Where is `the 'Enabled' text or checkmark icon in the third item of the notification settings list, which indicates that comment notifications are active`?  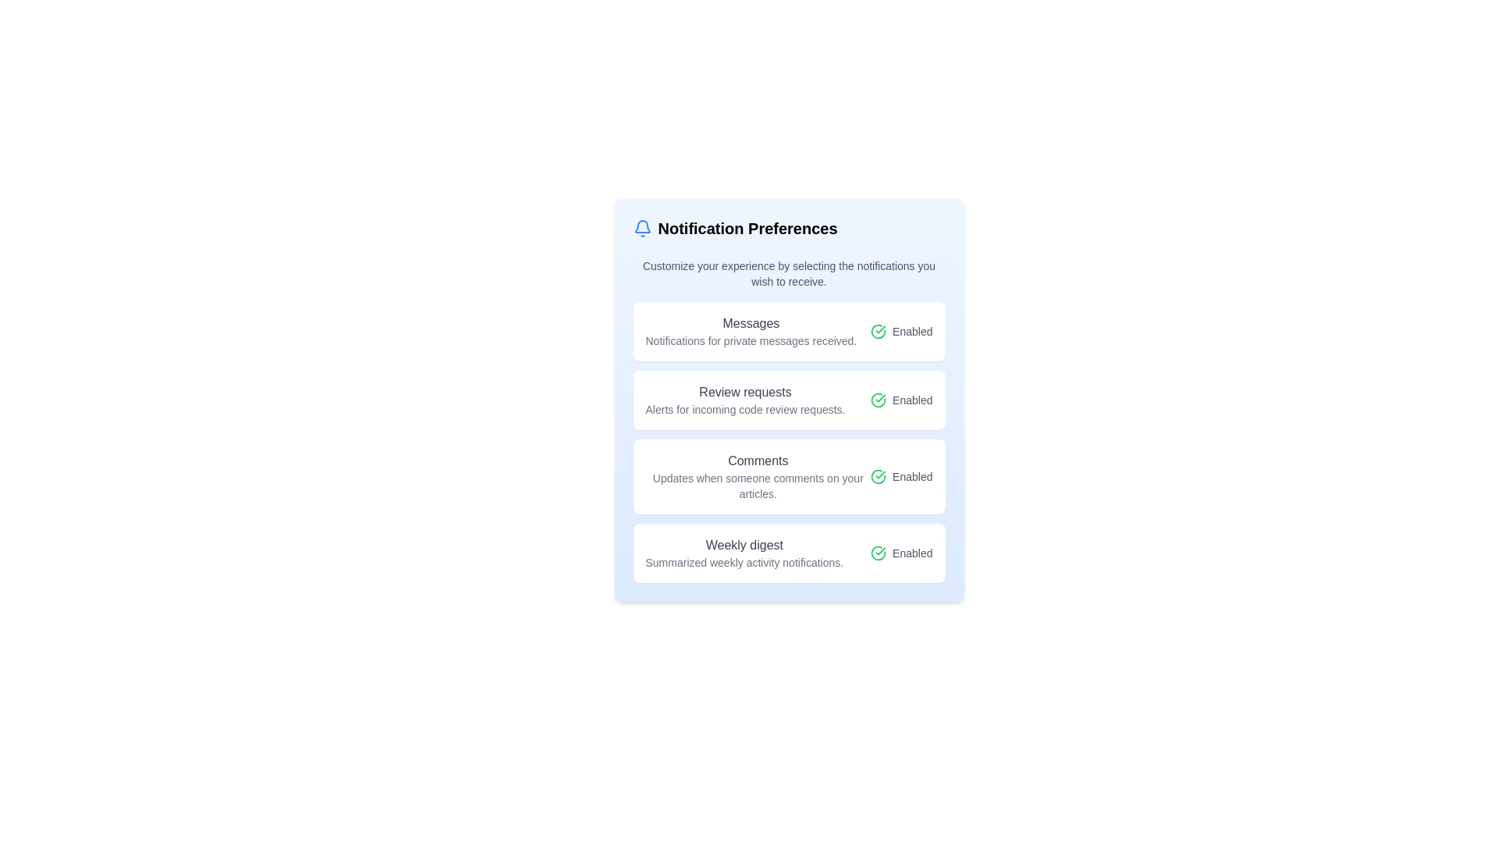 the 'Enabled' text or checkmark icon in the third item of the notification settings list, which indicates that comment notifications are active is located at coordinates (789, 475).